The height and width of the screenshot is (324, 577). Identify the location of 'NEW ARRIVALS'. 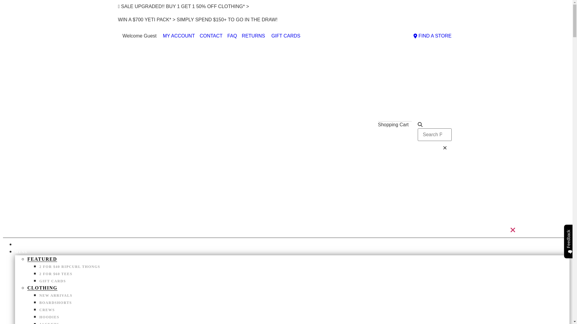
(56, 295).